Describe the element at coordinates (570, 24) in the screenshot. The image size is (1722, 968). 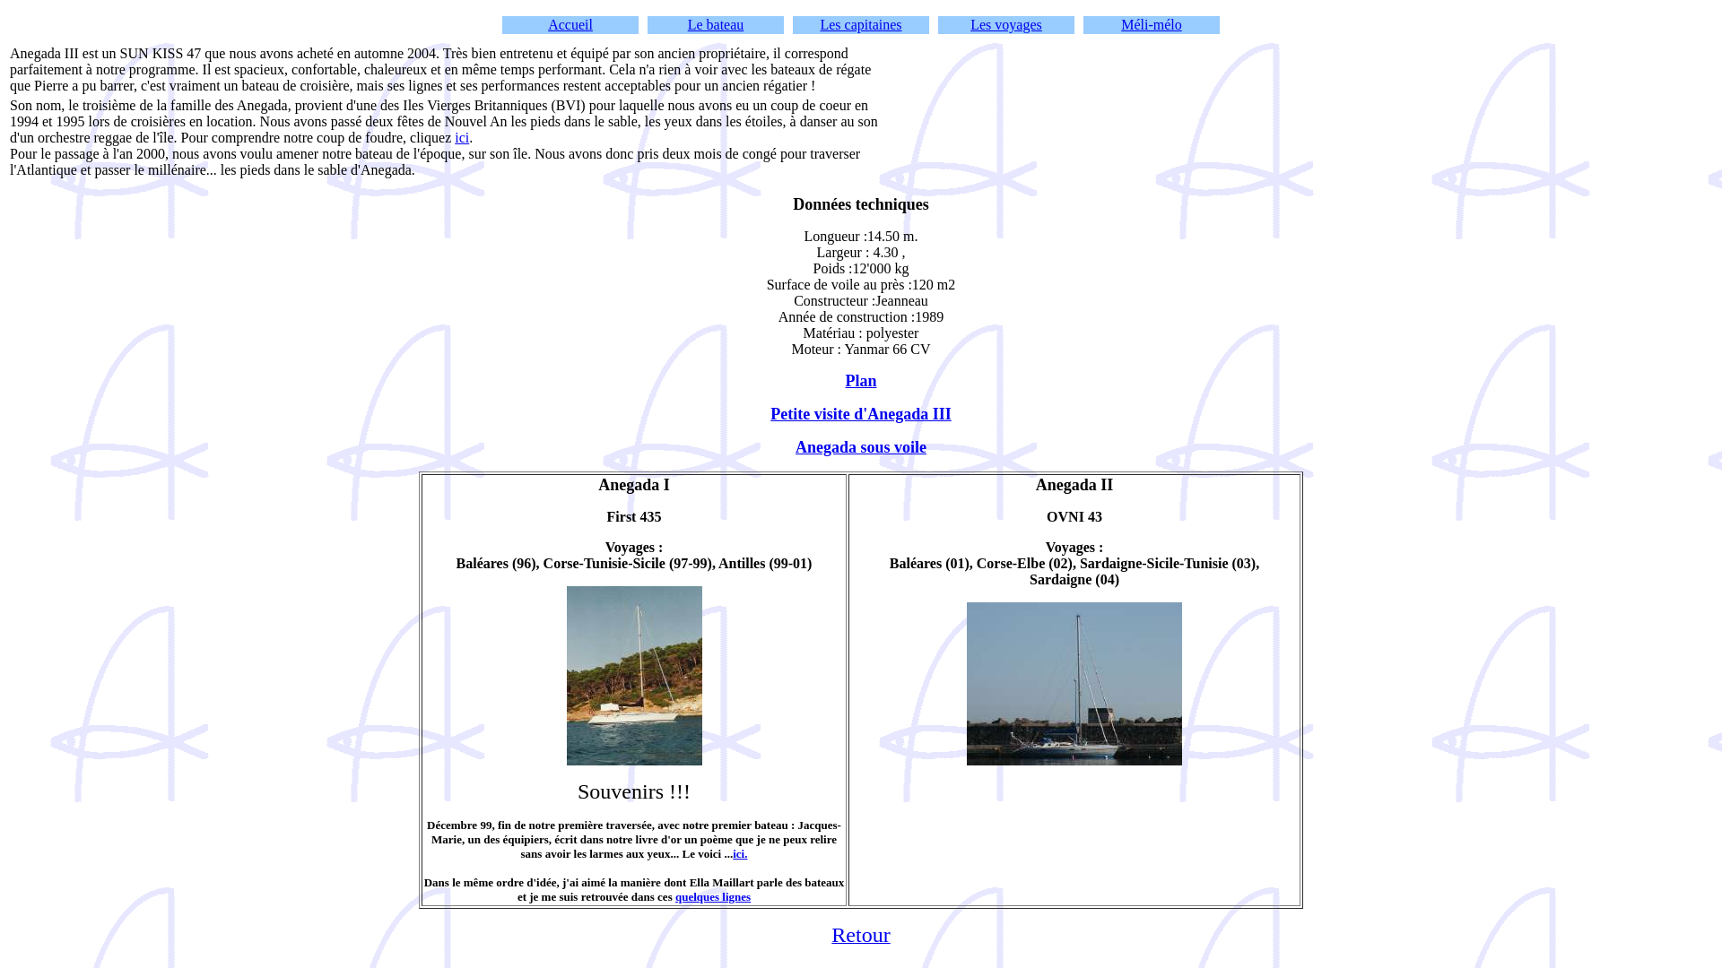
I see `'Accueil'` at that location.